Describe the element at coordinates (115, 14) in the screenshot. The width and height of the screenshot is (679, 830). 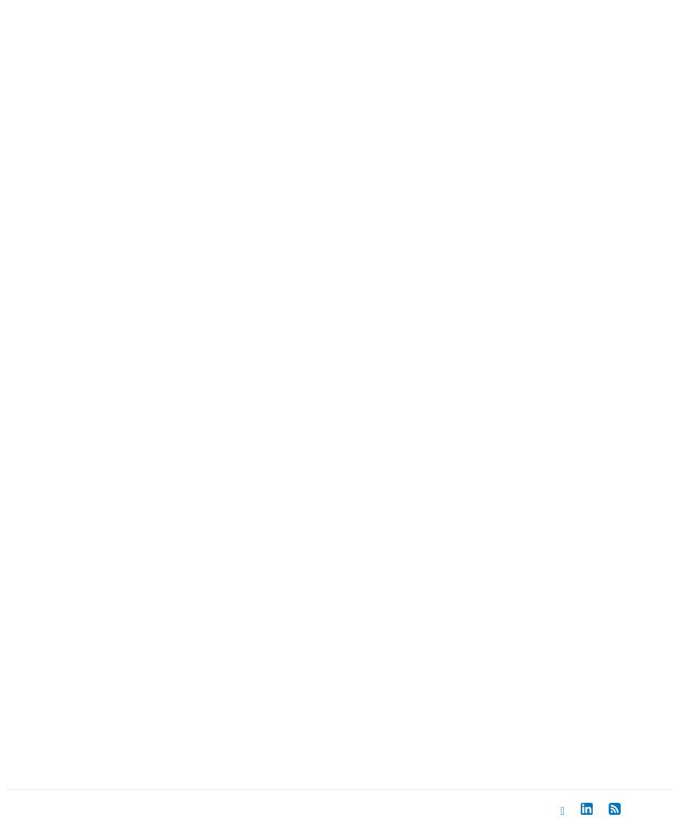
I see `'December 2007'` at that location.